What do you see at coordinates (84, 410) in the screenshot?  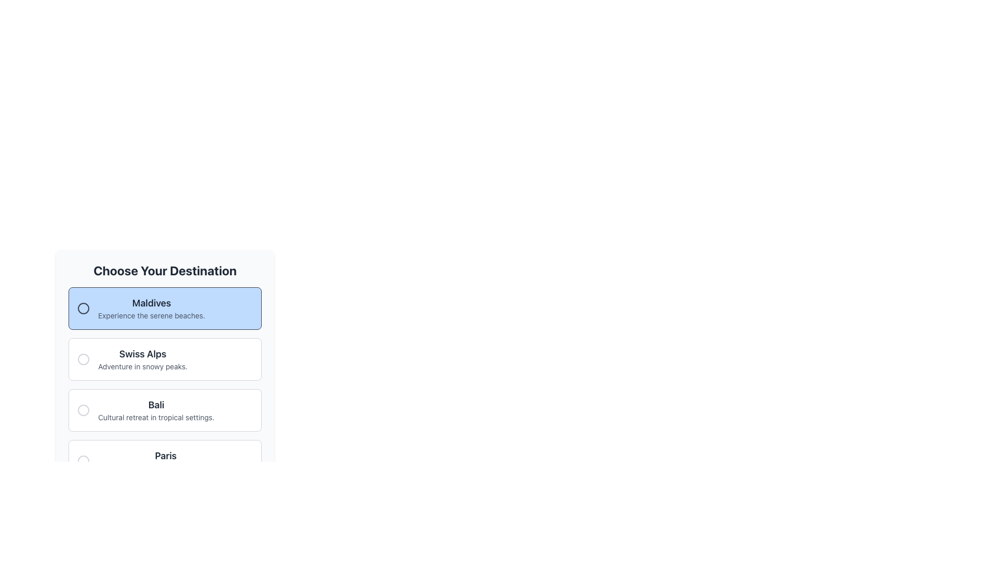 I see `the circular selection indicator for the third option labeled 'Bali' in the vertical list of destination choices` at bounding box center [84, 410].